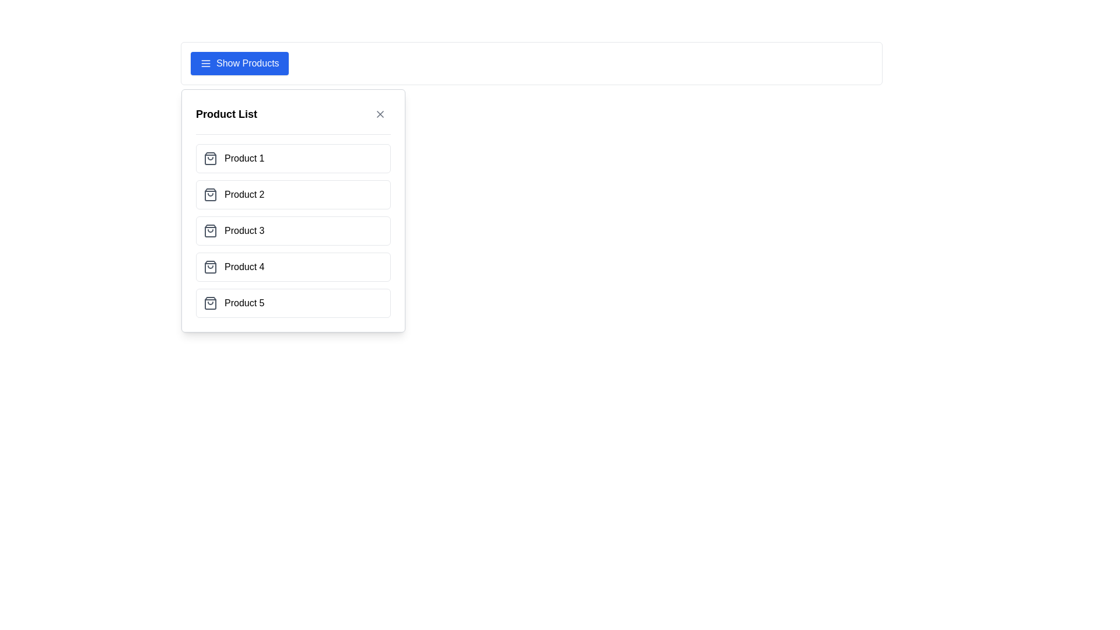 Image resolution: width=1120 pixels, height=630 pixels. I want to click on the shopping bag representation located in the third row of the product list, visually aiding the associated product, so click(210, 231).